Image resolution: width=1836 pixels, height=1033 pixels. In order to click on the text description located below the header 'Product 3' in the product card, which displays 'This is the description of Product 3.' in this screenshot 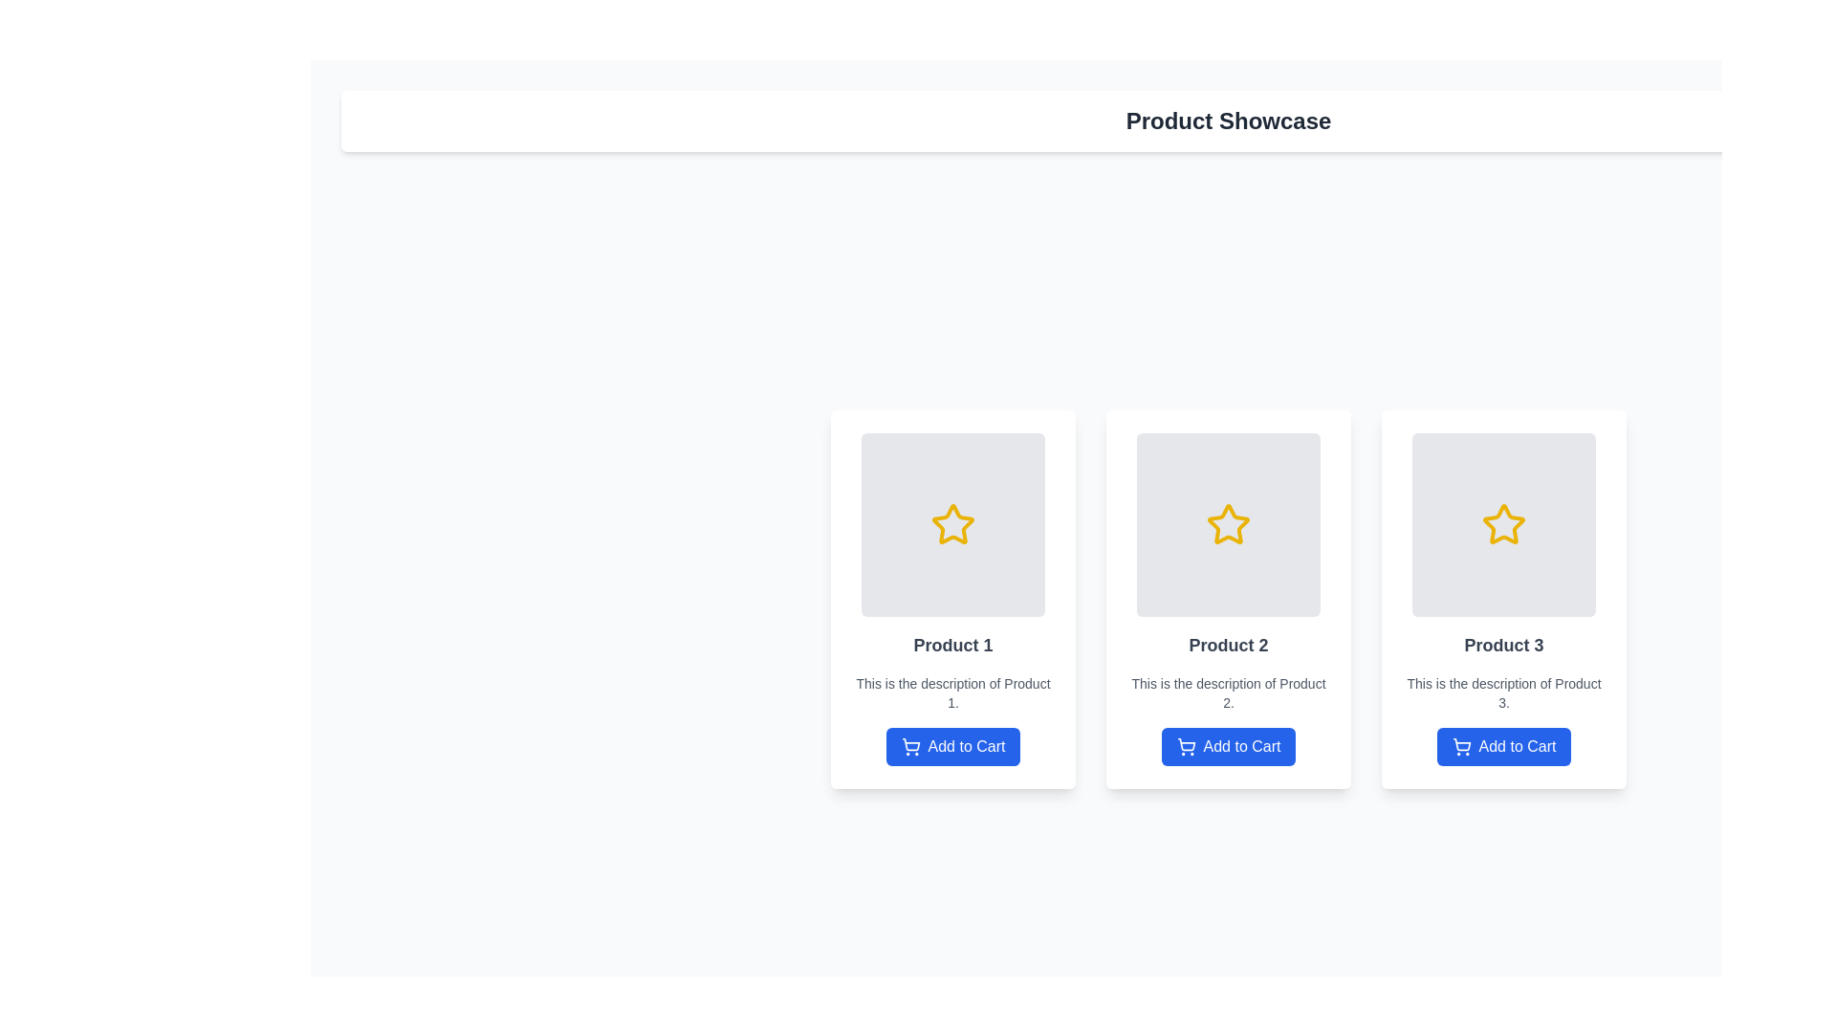, I will do `click(1503, 693)`.